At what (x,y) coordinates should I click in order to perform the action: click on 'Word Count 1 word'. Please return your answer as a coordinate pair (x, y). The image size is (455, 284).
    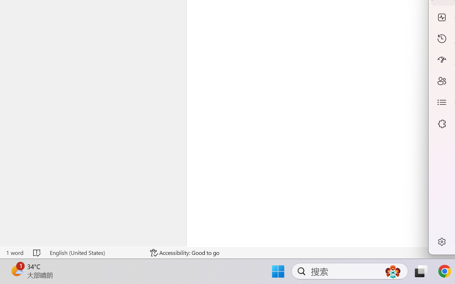
    Looking at the image, I should click on (15, 252).